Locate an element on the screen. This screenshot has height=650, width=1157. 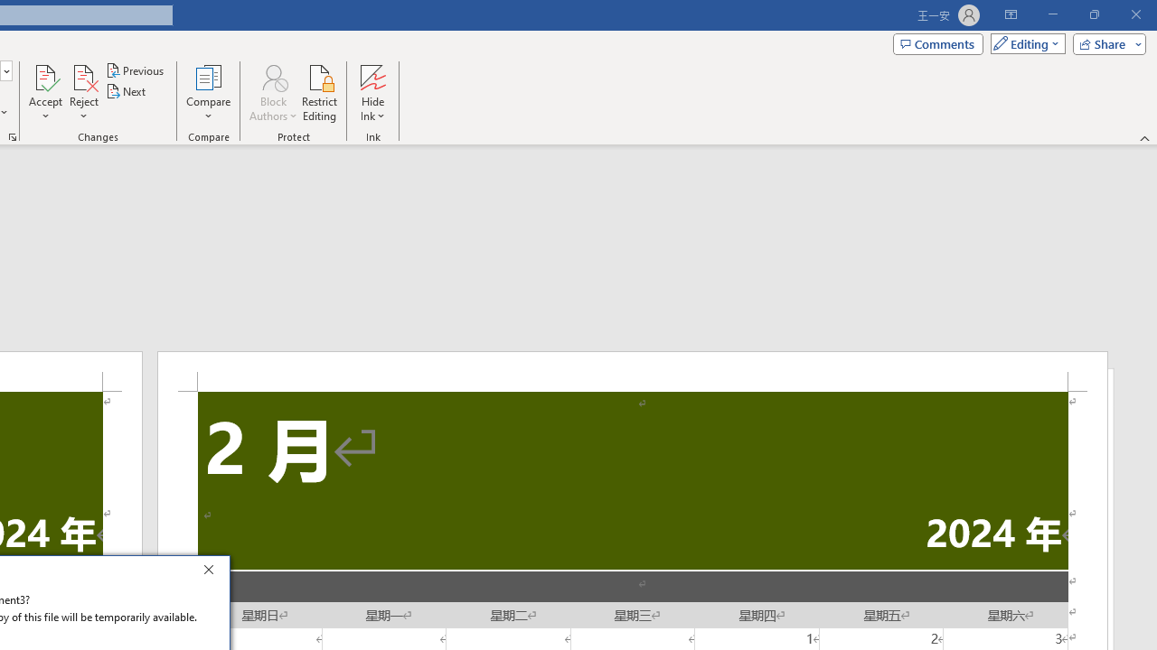
'Accept and Move to Next' is located at coordinates (45, 76).